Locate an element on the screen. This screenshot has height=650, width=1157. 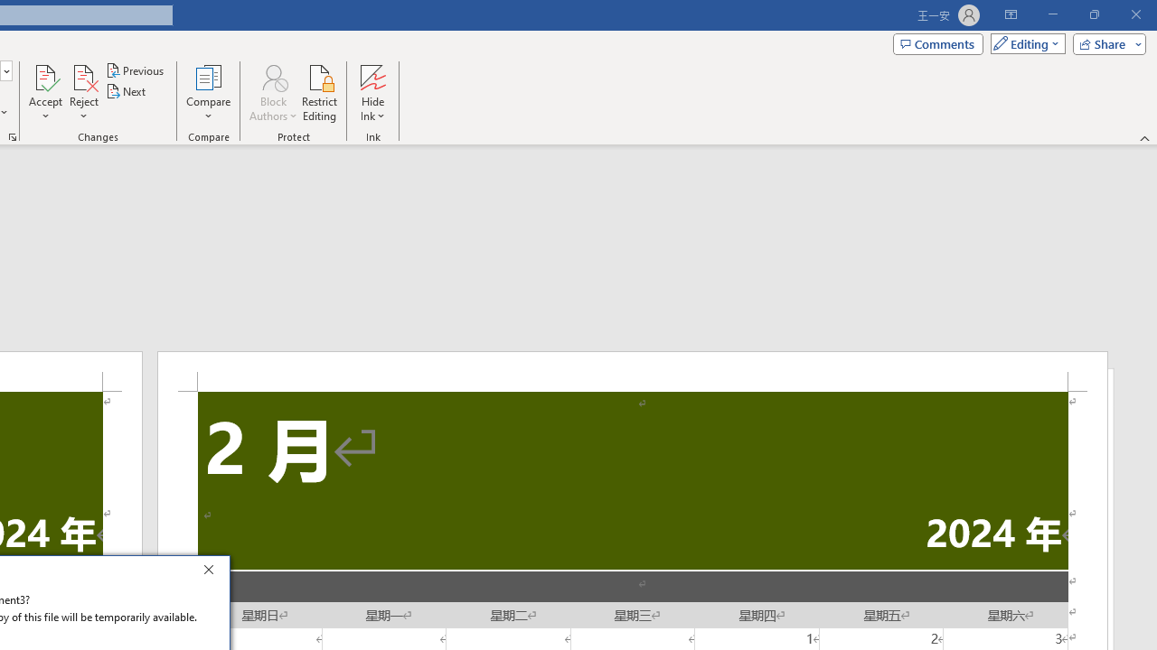
'Accept and Move to Next' is located at coordinates (45, 76).